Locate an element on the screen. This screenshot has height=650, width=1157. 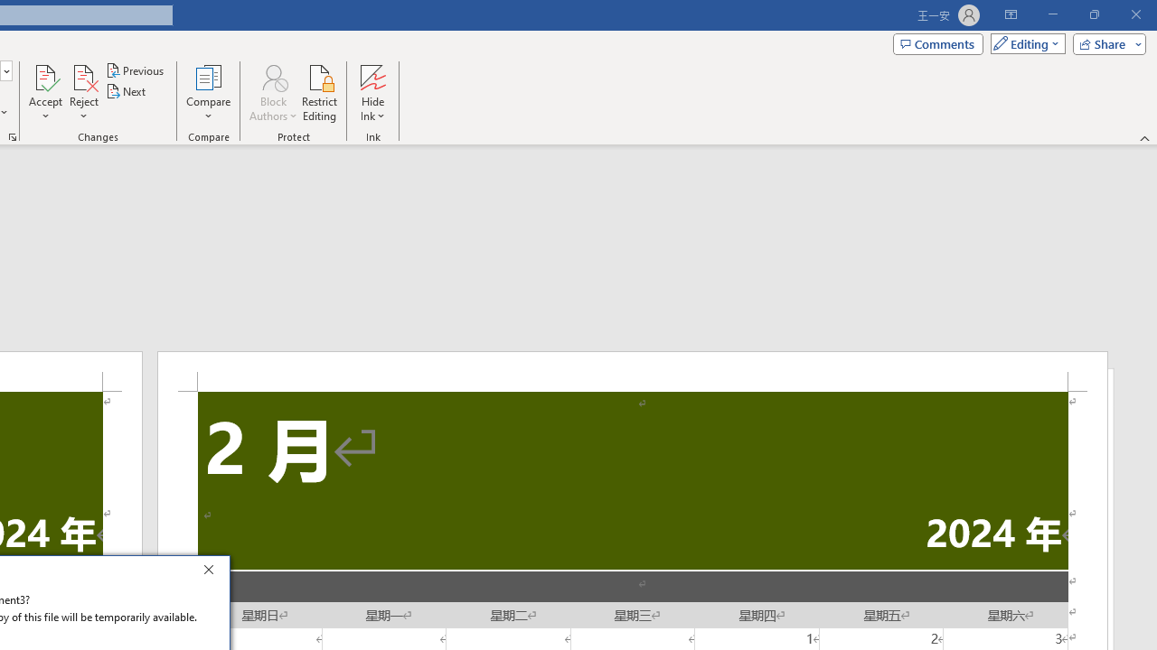
'Accept and Move to Next' is located at coordinates (45, 76).